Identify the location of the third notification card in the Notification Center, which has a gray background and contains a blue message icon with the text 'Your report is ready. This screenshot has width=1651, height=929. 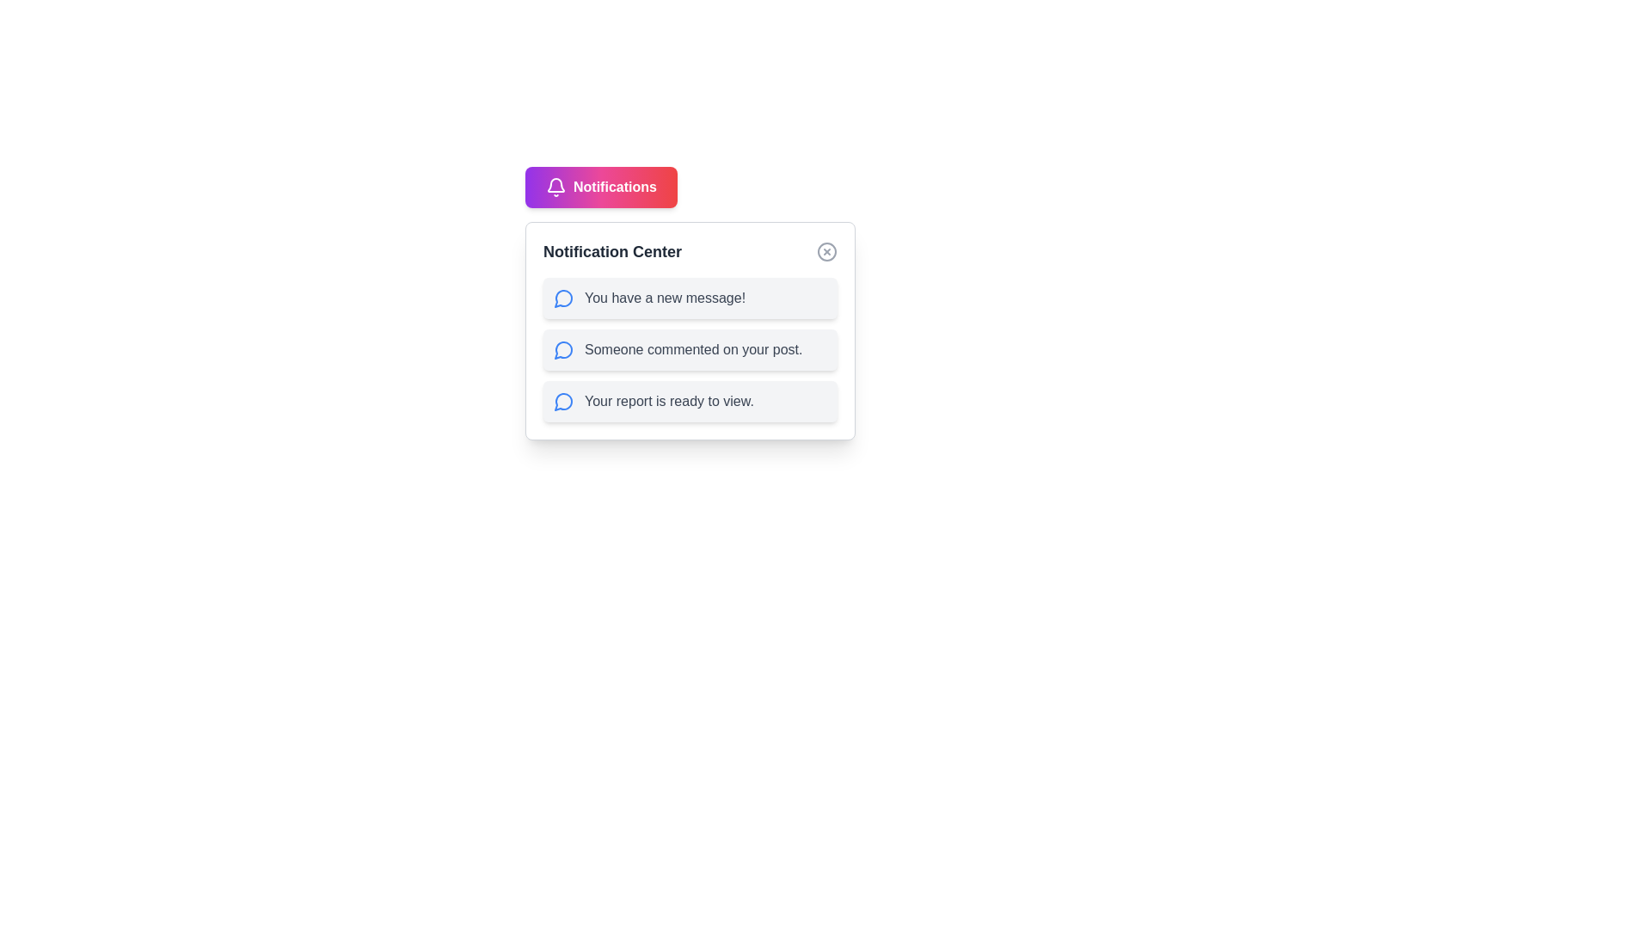
(690, 401).